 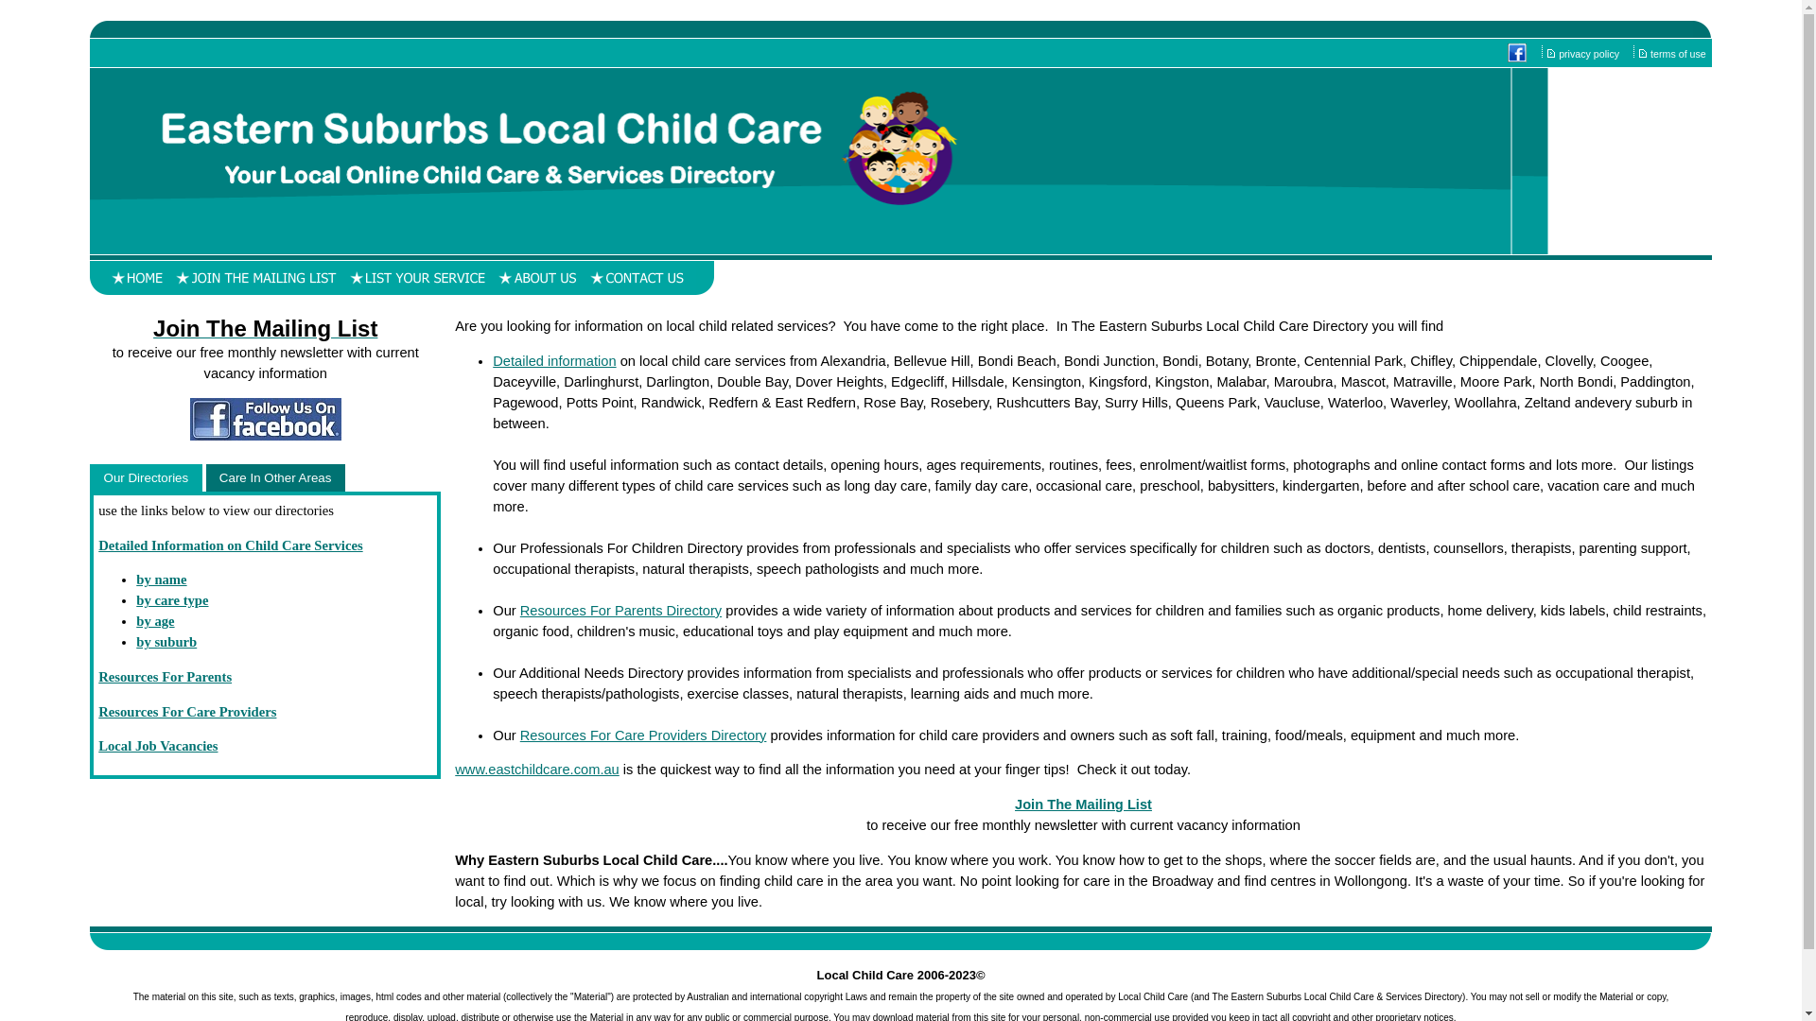 What do you see at coordinates (1589, 53) in the screenshot?
I see `'privacy policy'` at bounding box center [1589, 53].